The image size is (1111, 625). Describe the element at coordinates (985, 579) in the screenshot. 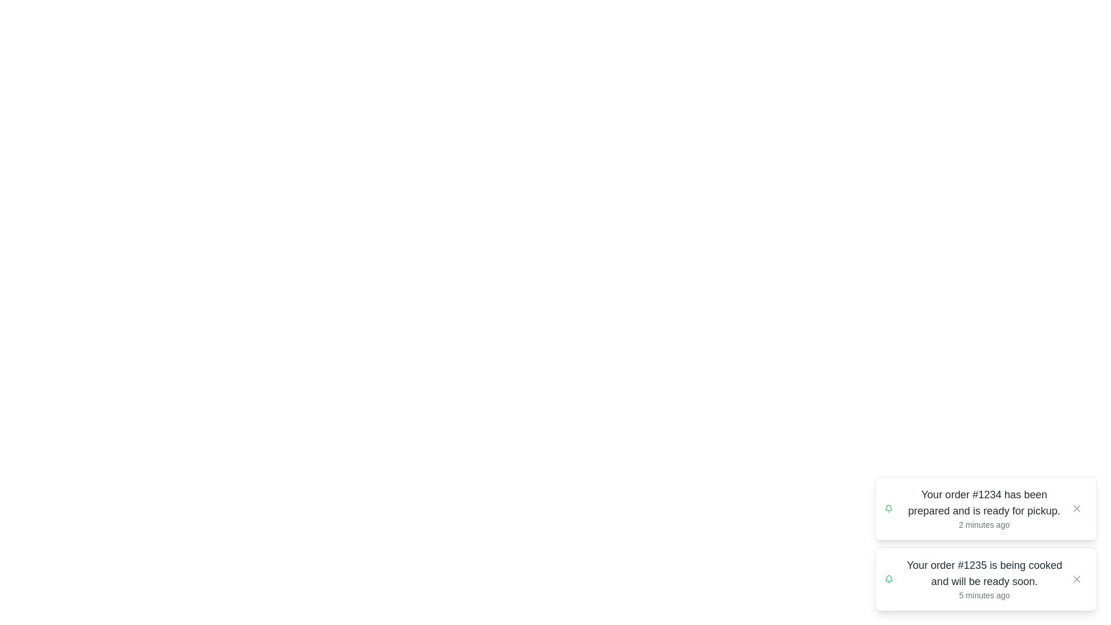

I see `the second notification card located in the bottom-right corner of the page, which has a white background, rounded corners, and contains a green bell icon at the top left` at that location.